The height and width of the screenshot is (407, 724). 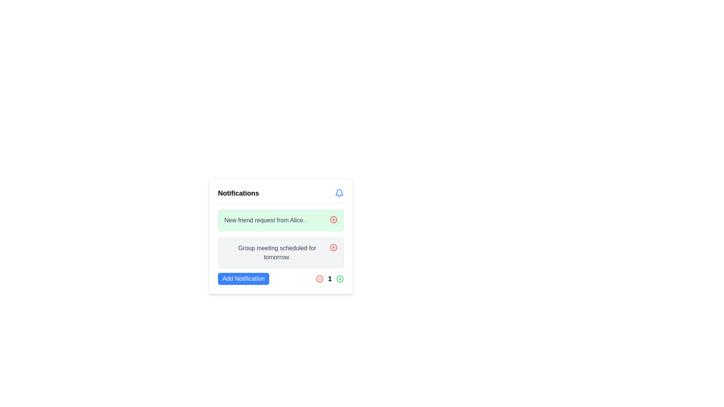 What do you see at coordinates (339, 192) in the screenshot?
I see `the top outline of the bell icon located in the top-right corner of the notification panel, which is part of an SVG representation symbolizing notifications` at bounding box center [339, 192].